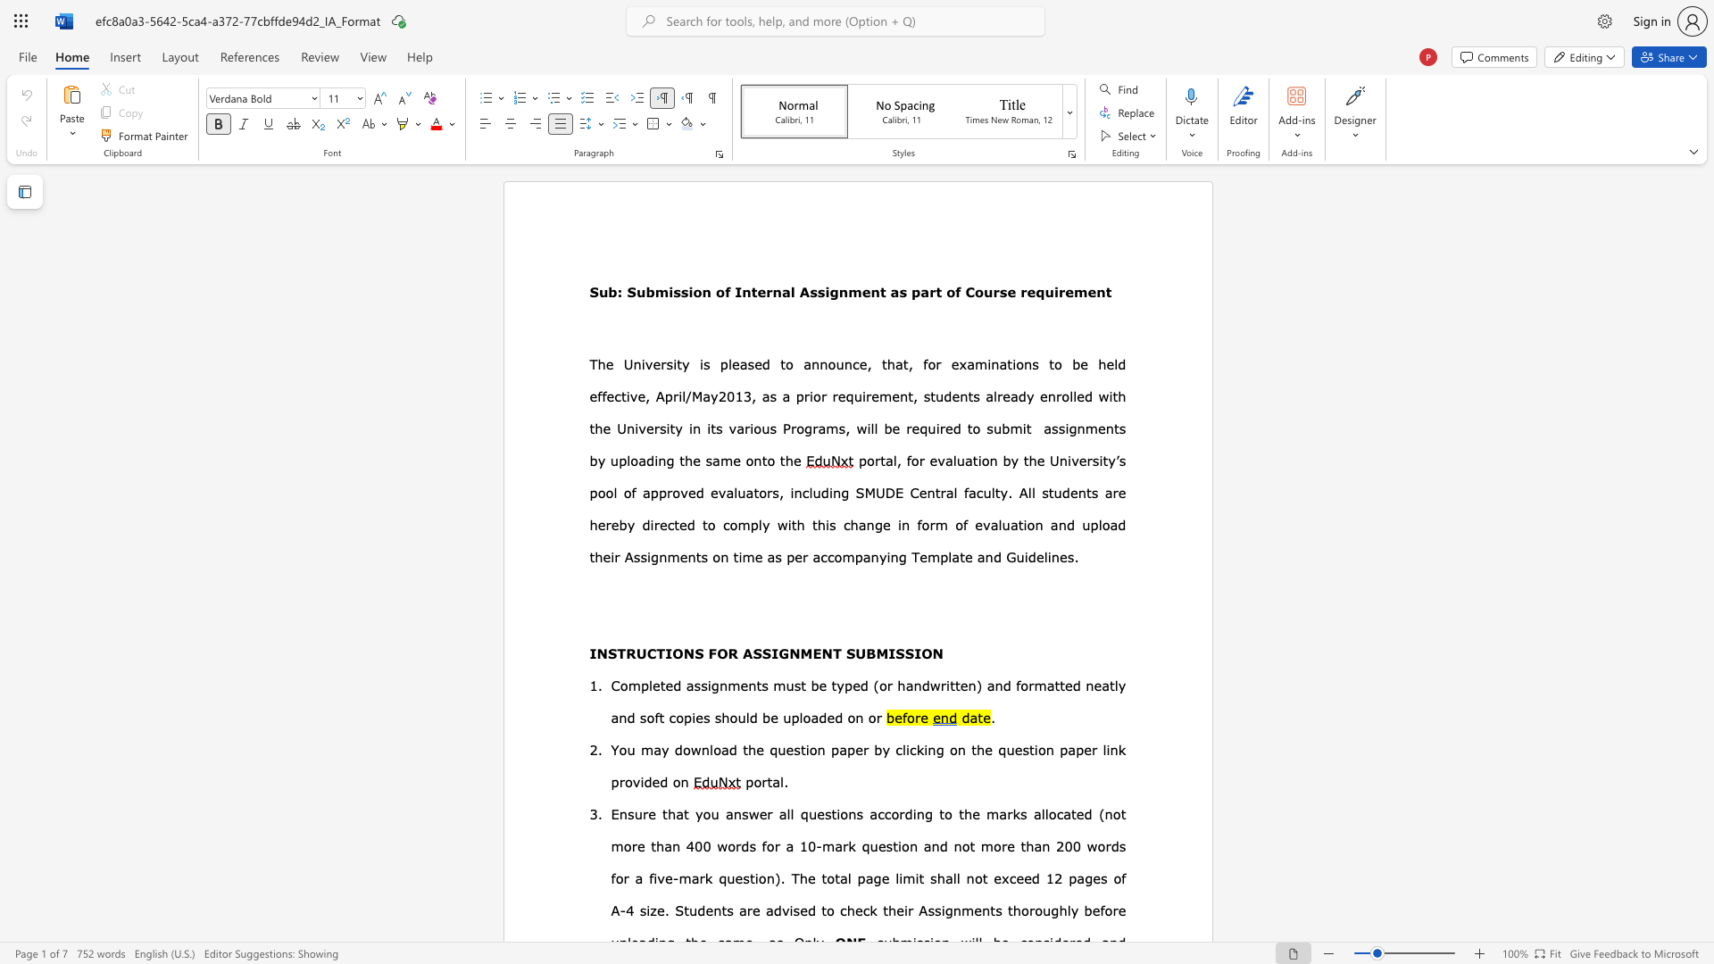  What do you see at coordinates (710, 684) in the screenshot?
I see `the subset text "gnments must be ty" within the text "Completed assignments must be typed"` at bounding box center [710, 684].